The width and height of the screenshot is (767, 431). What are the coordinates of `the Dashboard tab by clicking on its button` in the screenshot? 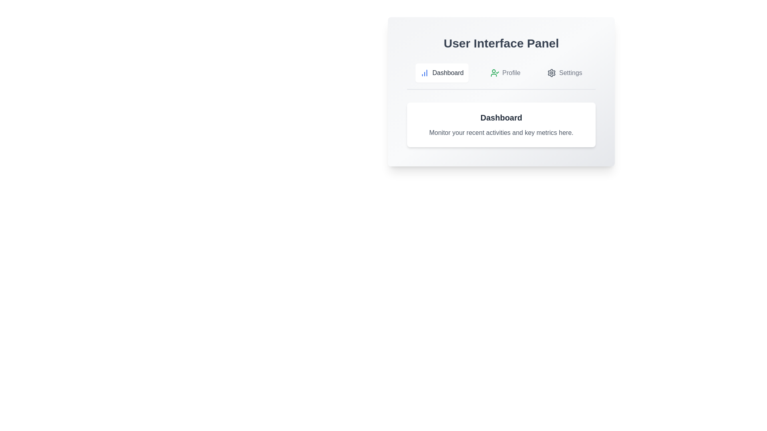 It's located at (441, 73).